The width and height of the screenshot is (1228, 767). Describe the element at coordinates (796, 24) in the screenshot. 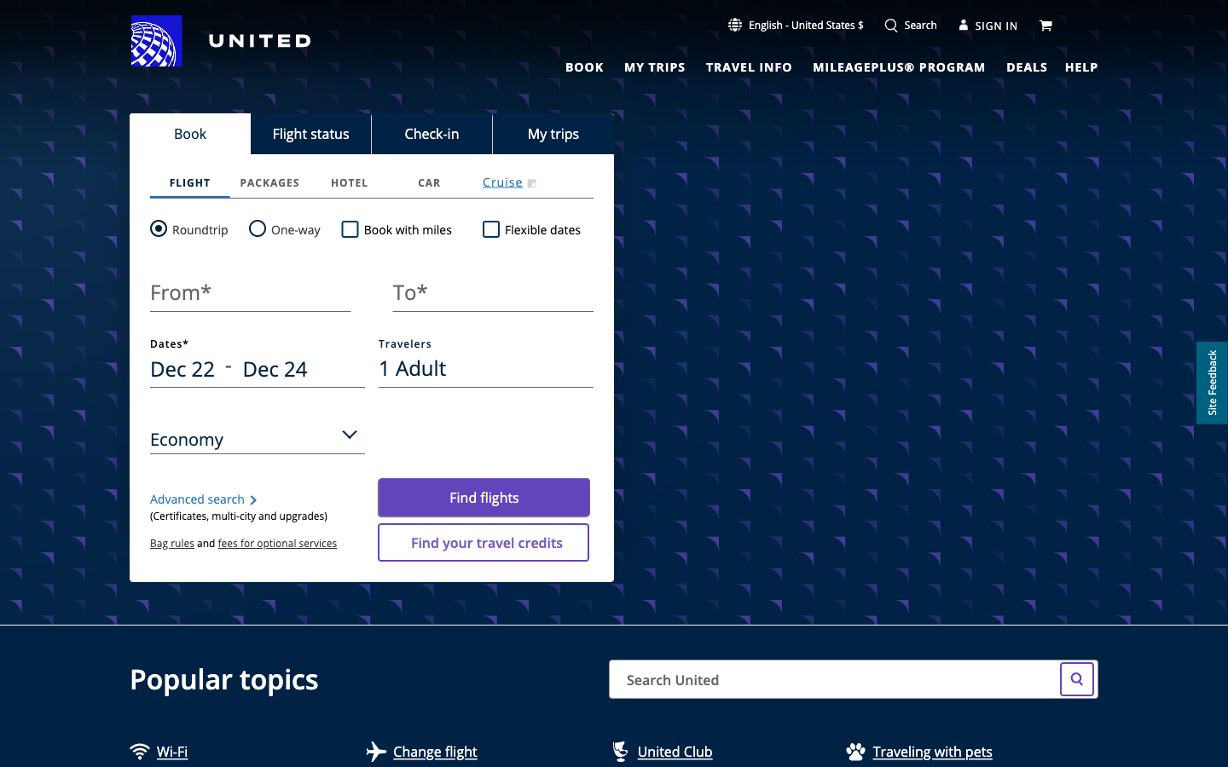

I see `the language bar option` at that location.